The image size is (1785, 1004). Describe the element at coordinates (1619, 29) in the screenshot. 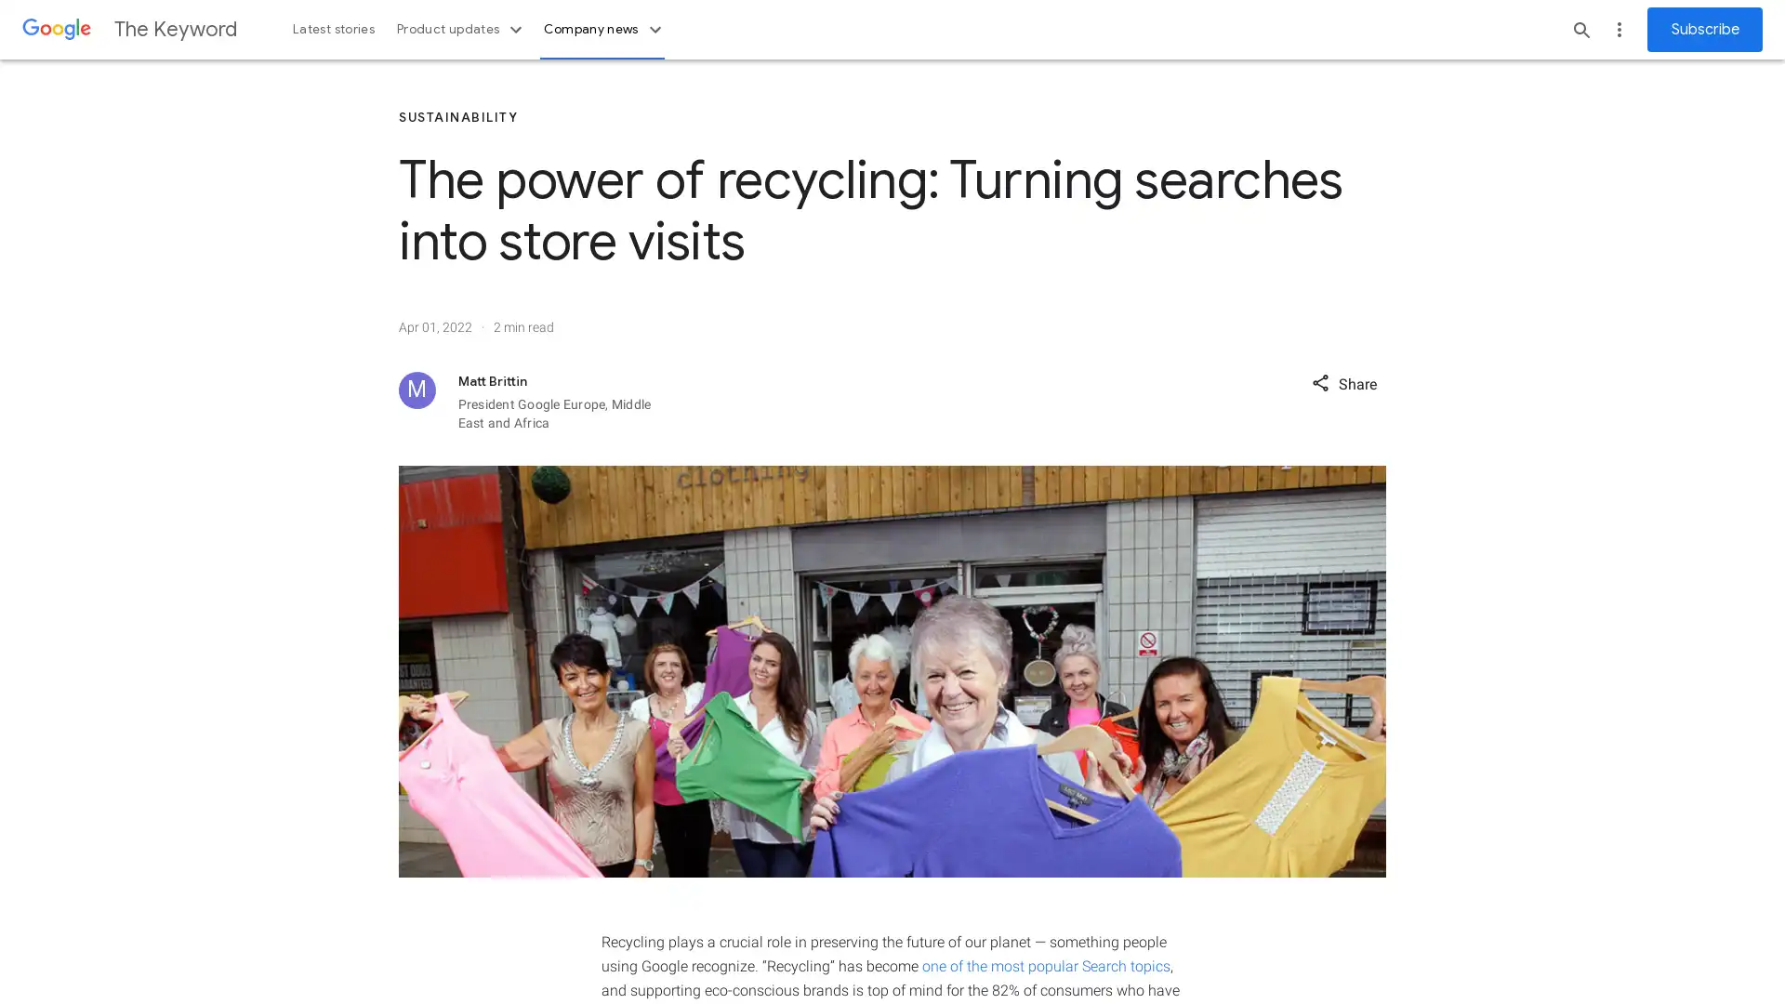

I see `Secondary menu` at that location.